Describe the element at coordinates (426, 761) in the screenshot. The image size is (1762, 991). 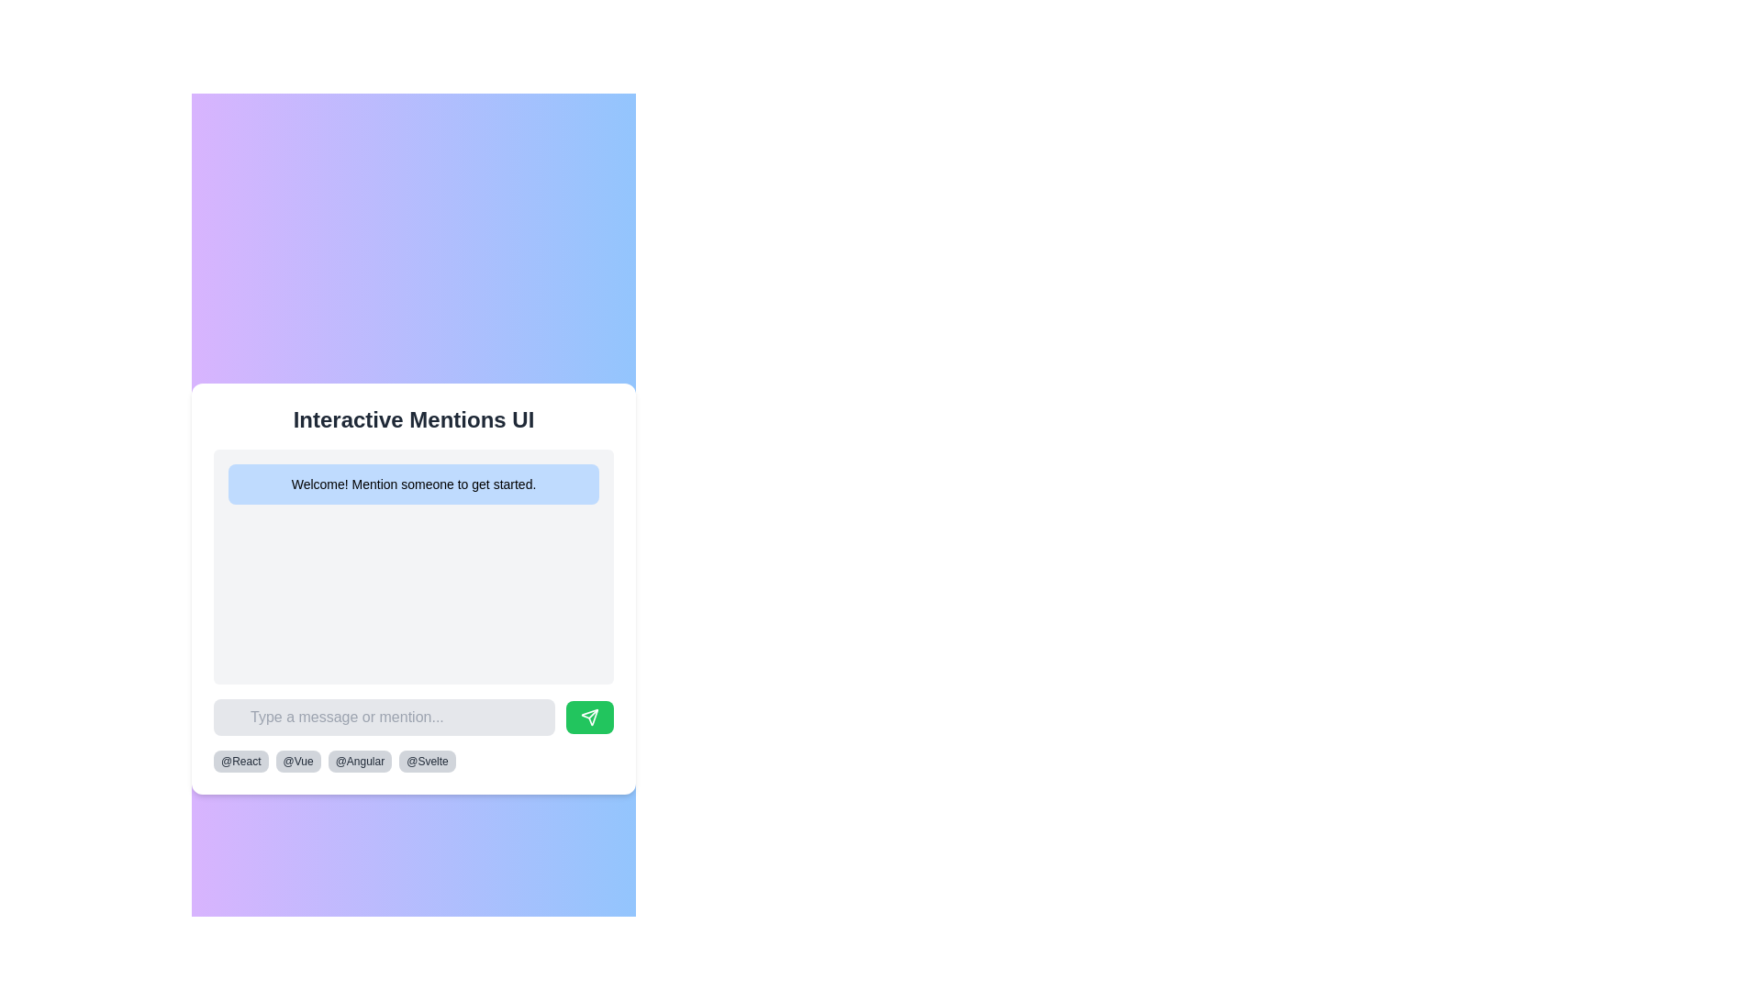
I see `the '@Svelte' label` at that location.